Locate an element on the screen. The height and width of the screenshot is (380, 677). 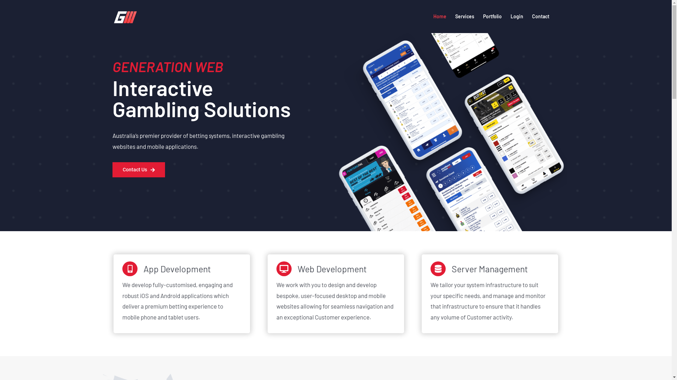
'Portfolio' is located at coordinates (492, 16).